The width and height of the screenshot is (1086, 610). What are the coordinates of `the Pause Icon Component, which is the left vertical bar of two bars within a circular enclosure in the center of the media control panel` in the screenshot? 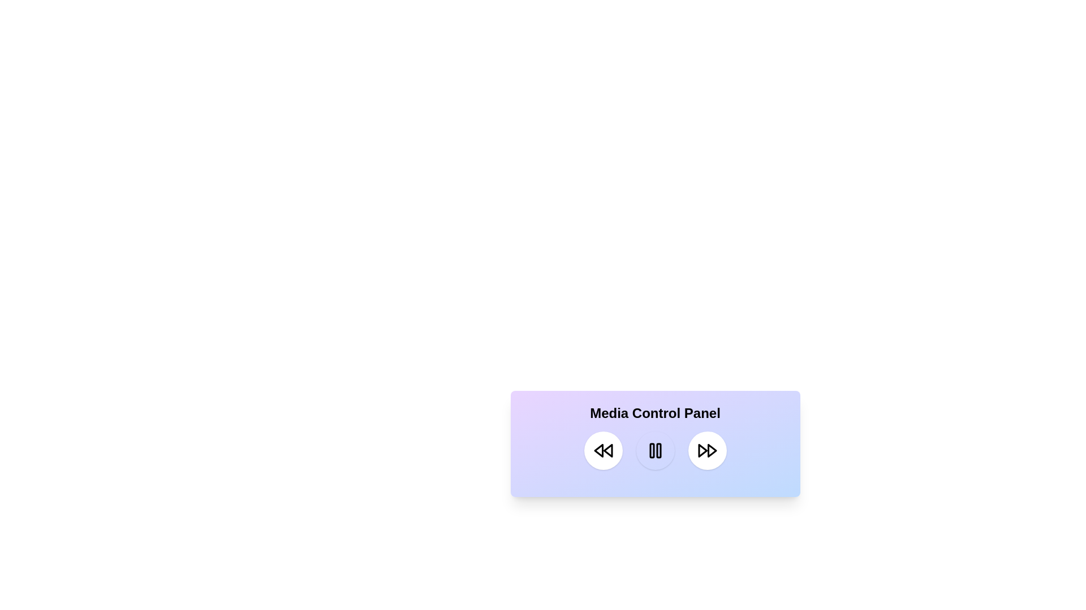 It's located at (652, 450).